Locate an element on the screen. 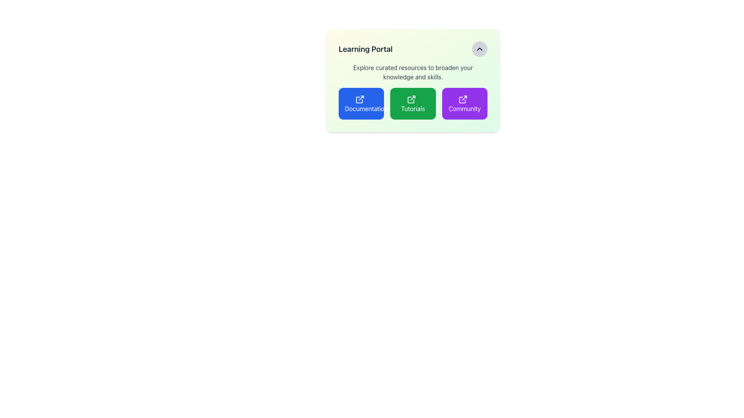 The height and width of the screenshot is (418, 744). the green button labeled 'Tutorials' that contains a white external link icon, located in the center of a group of three buttons, to observe hover effects is located at coordinates (412, 91).